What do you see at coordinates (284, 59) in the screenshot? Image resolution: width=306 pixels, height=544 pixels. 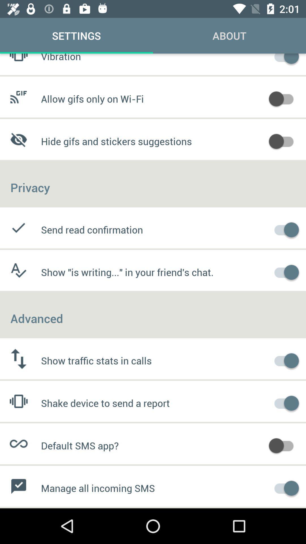 I see `switch` at bounding box center [284, 59].